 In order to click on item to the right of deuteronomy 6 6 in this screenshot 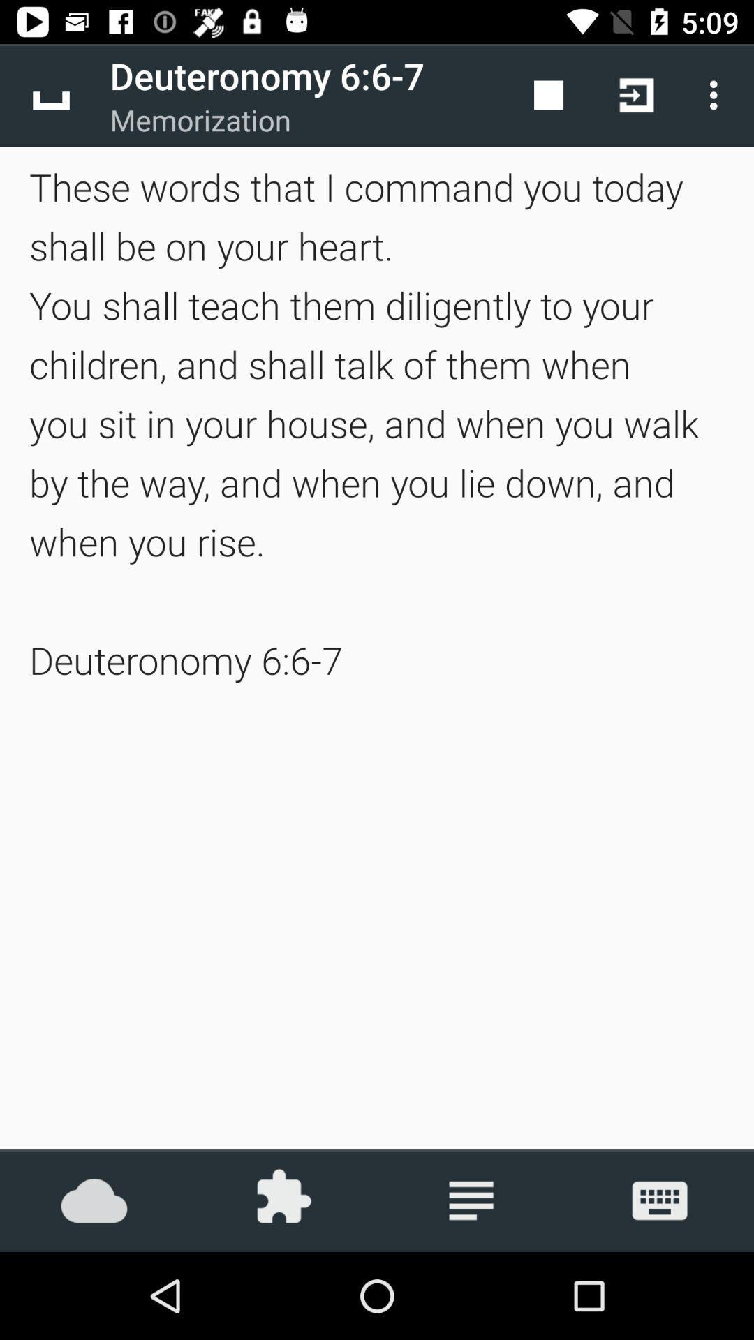, I will do `click(548, 94)`.